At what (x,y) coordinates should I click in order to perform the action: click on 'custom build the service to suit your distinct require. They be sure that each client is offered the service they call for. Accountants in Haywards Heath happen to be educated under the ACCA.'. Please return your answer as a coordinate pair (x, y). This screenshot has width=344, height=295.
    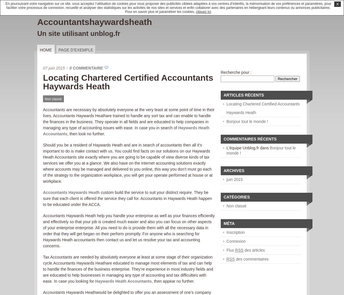
    Looking at the image, I should click on (127, 198).